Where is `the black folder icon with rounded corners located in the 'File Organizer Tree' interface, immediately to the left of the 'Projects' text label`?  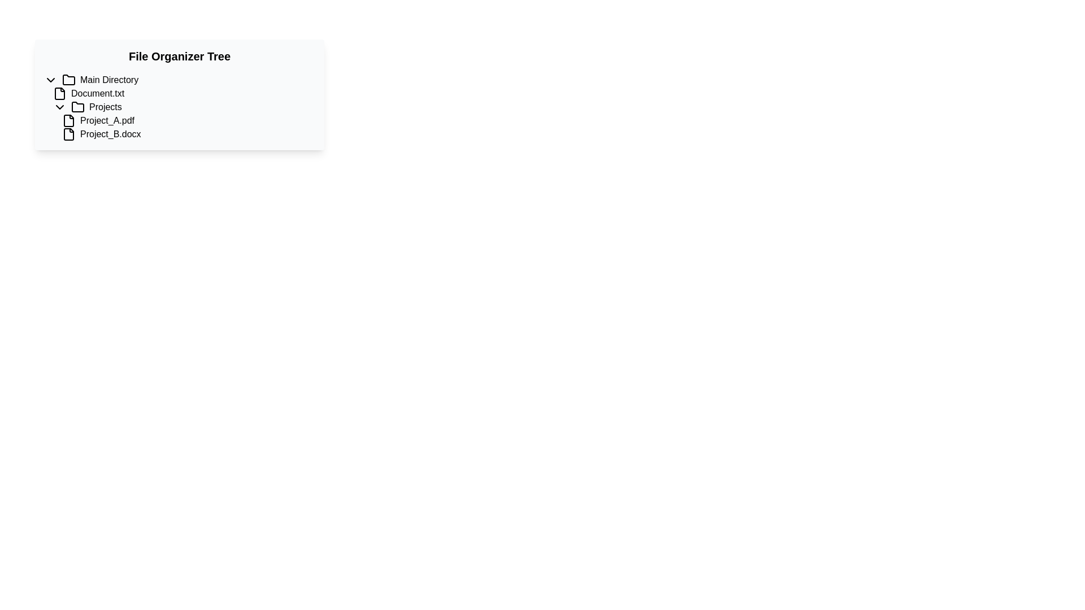
the black folder icon with rounded corners located in the 'File Organizer Tree' interface, immediately to the left of the 'Projects' text label is located at coordinates (77, 107).